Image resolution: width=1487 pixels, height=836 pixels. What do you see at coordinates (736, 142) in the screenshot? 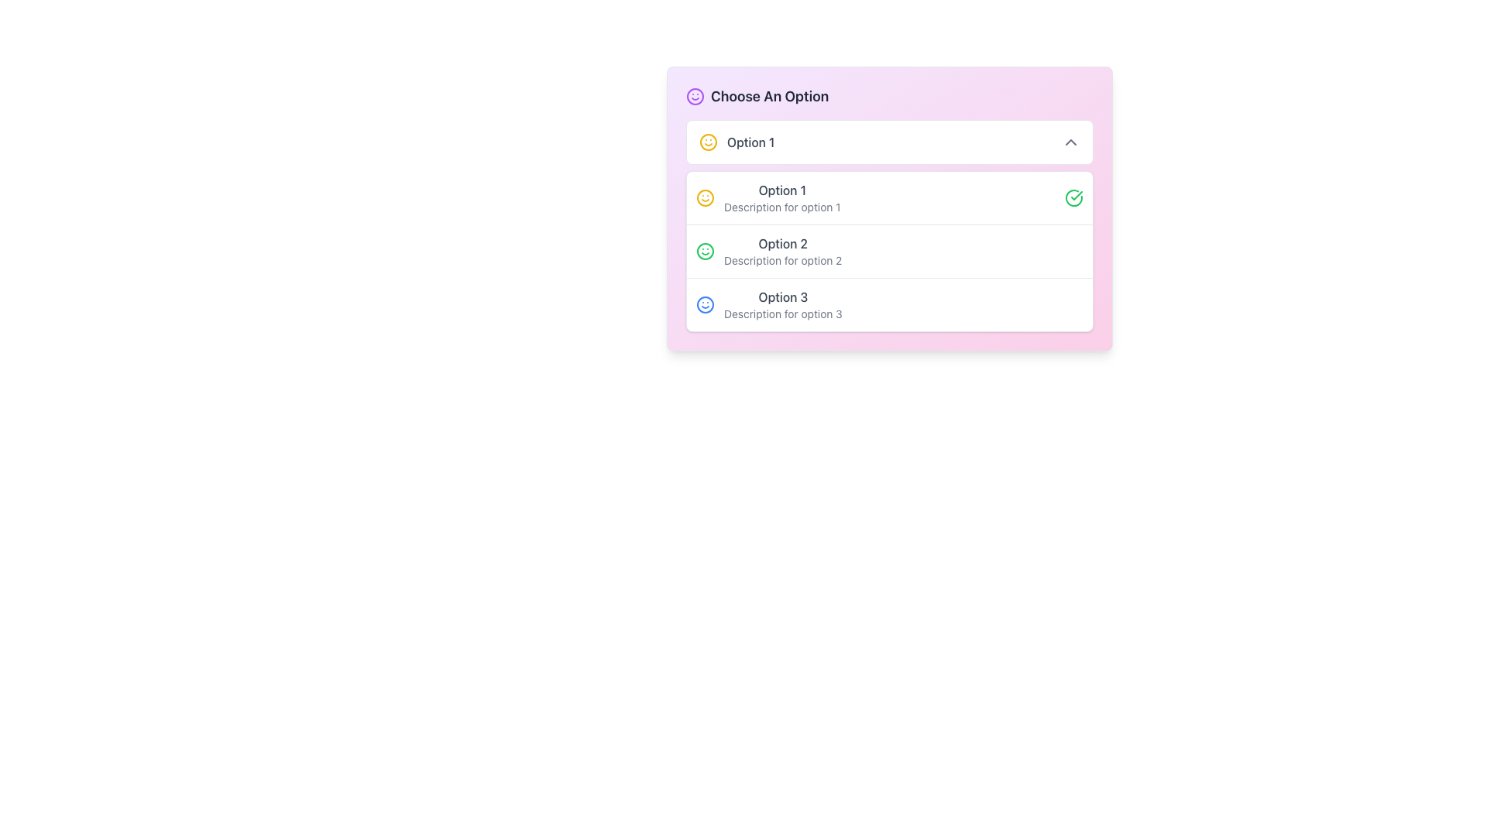
I see `the topmost selectable option in the 'Choose An Option' dropdown list` at bounding box center [736, 142].